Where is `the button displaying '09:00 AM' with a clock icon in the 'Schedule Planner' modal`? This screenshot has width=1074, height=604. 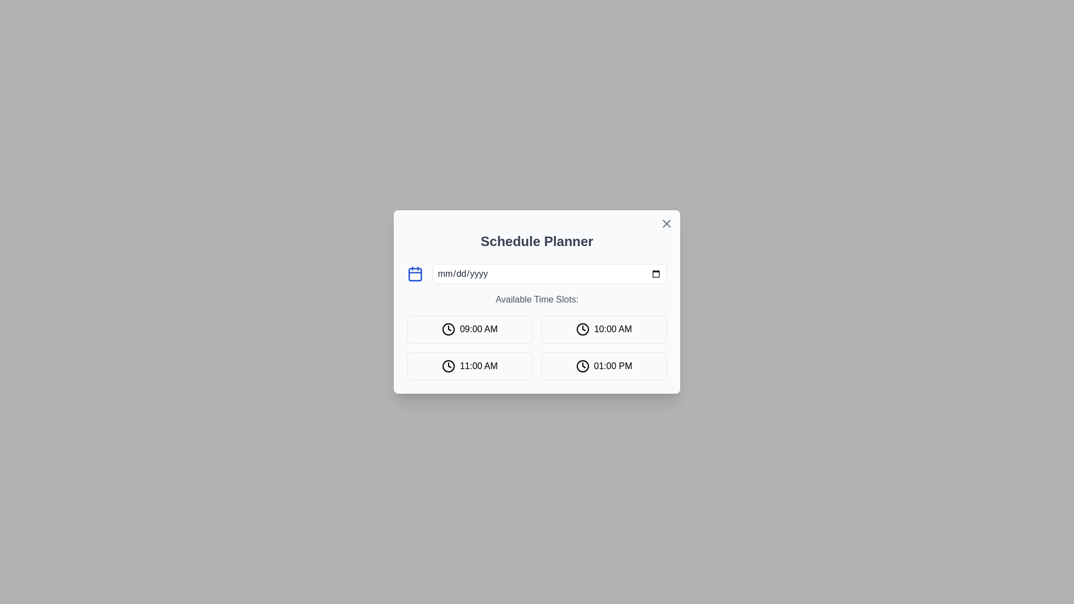 the button displaying '09:00 AM' with a clock icon in the 'Schedule Planner' modal is located at coordinates (470, 329).